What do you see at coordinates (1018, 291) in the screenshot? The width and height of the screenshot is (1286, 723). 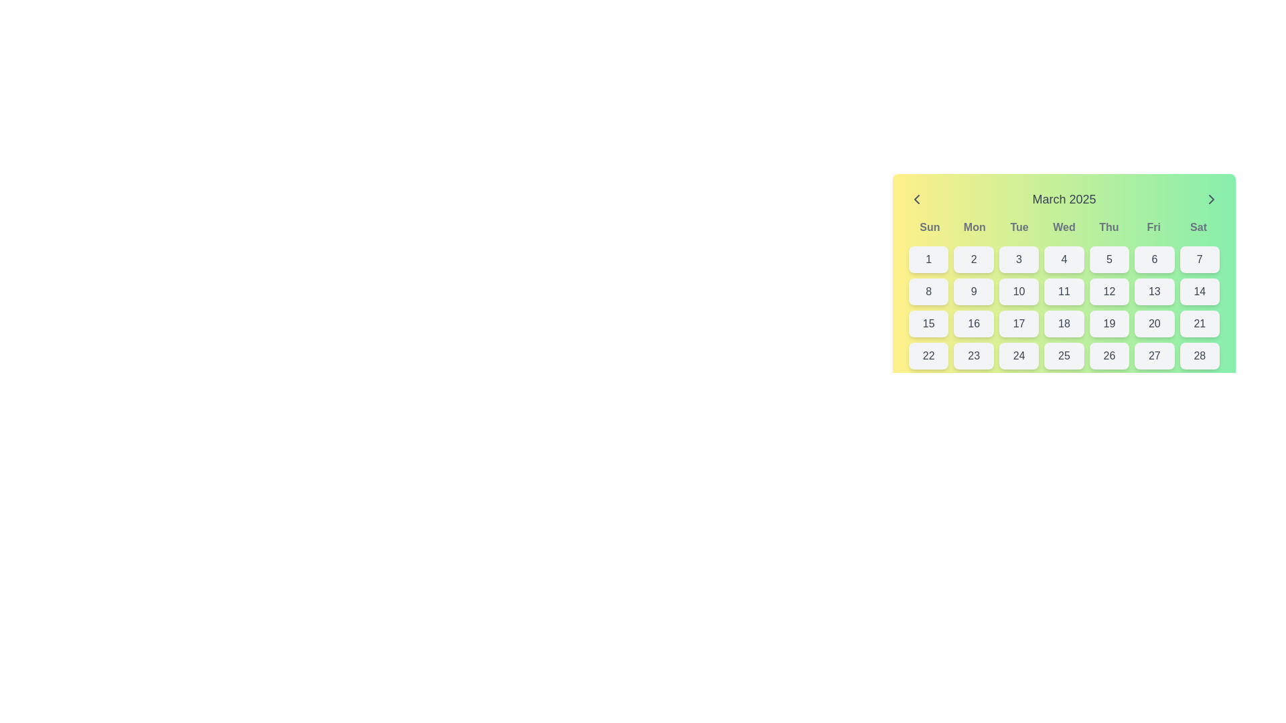 I see `the selectable date button representing the date '10' in the calendar interface, located in the second row and third column of the grid layout` at bounding box center [1018, 291].